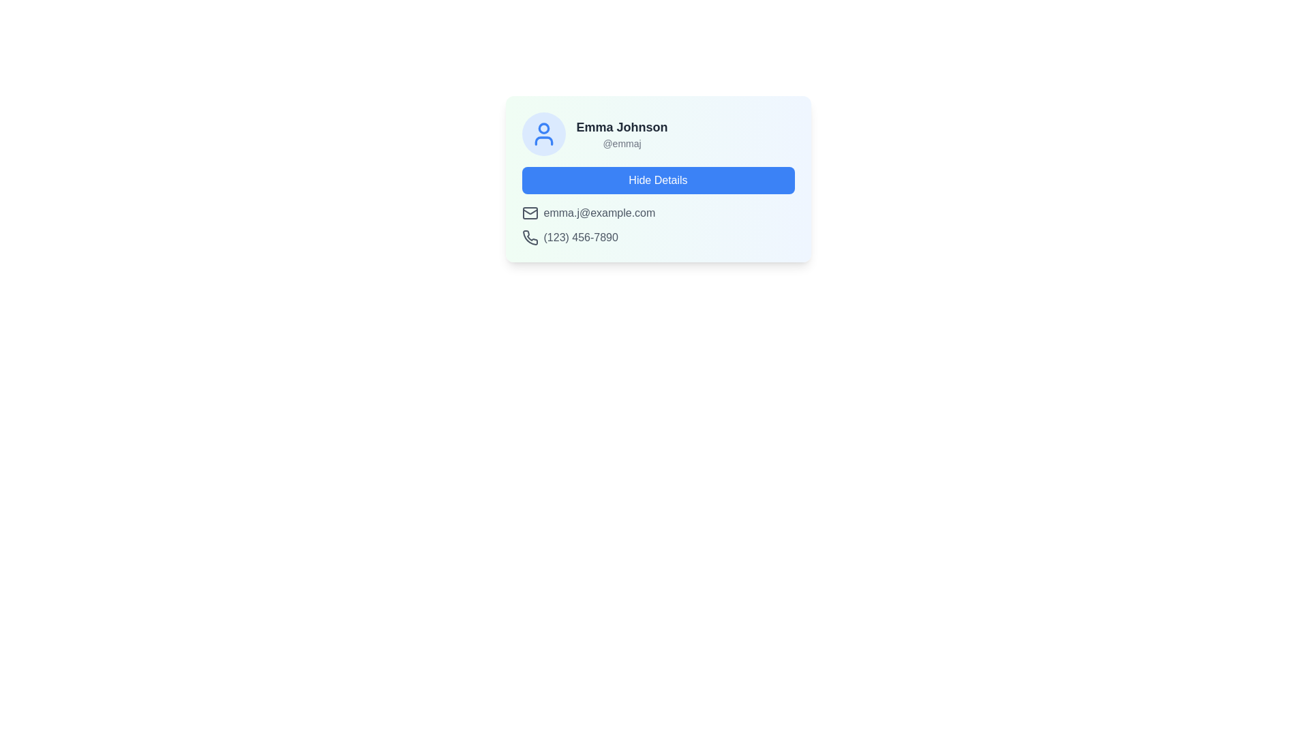 This screenshot has height=736, width=1309. I want to click on the blue rectangular button labeled 'Hide Details' located in the user profile card to hide the details, so click(658, 180).